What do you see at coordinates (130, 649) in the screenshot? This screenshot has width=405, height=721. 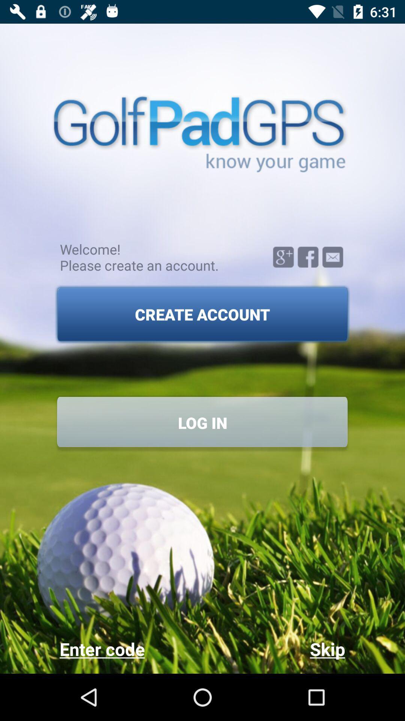 I see `the item below the log in` at bounding box center [130, 649].